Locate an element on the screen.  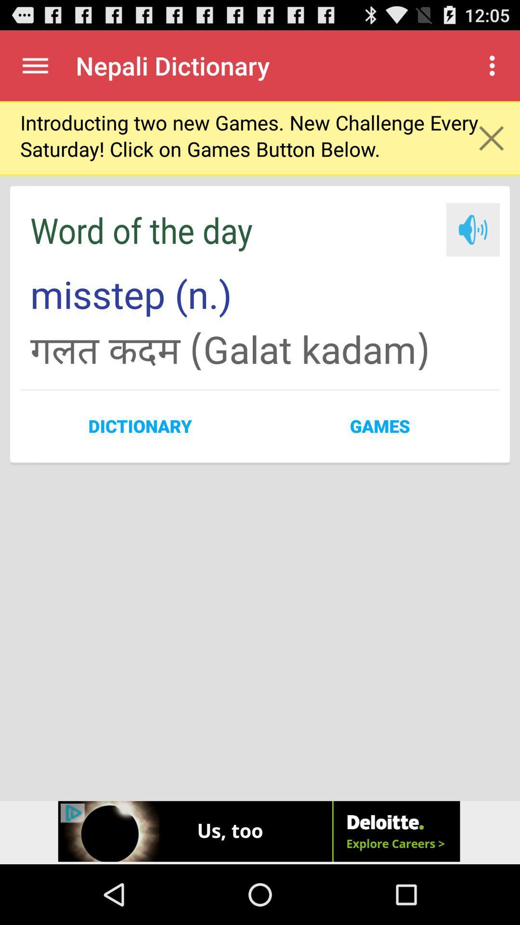
the close icon is located at coordinates (491, 147).